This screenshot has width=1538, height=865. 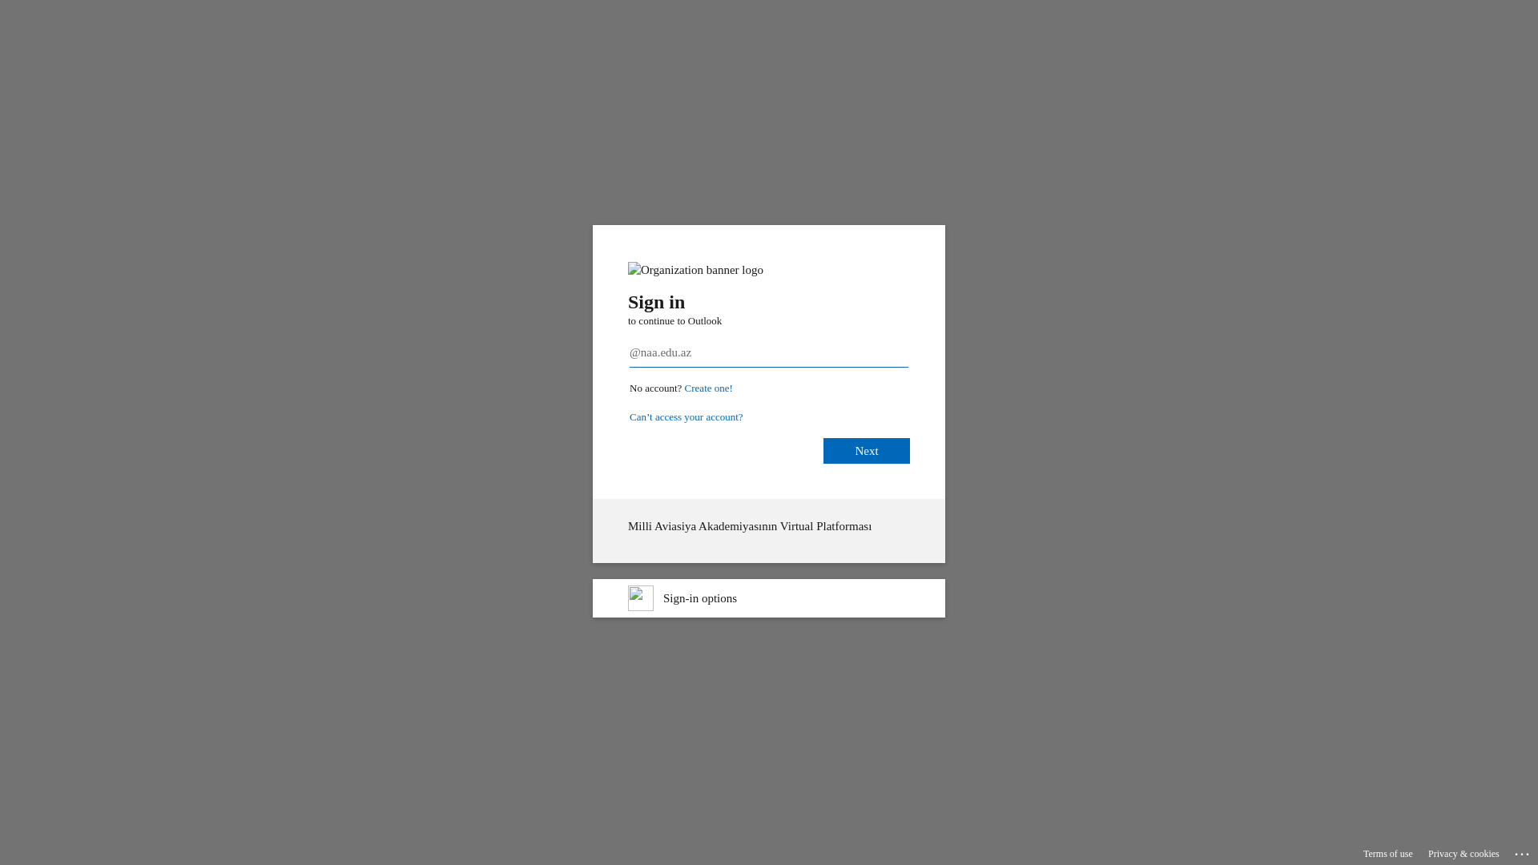 What do you see at coordinates (707, 388) in the screenshot?
I see `'Create one!'` at bounding box center [707, 388].